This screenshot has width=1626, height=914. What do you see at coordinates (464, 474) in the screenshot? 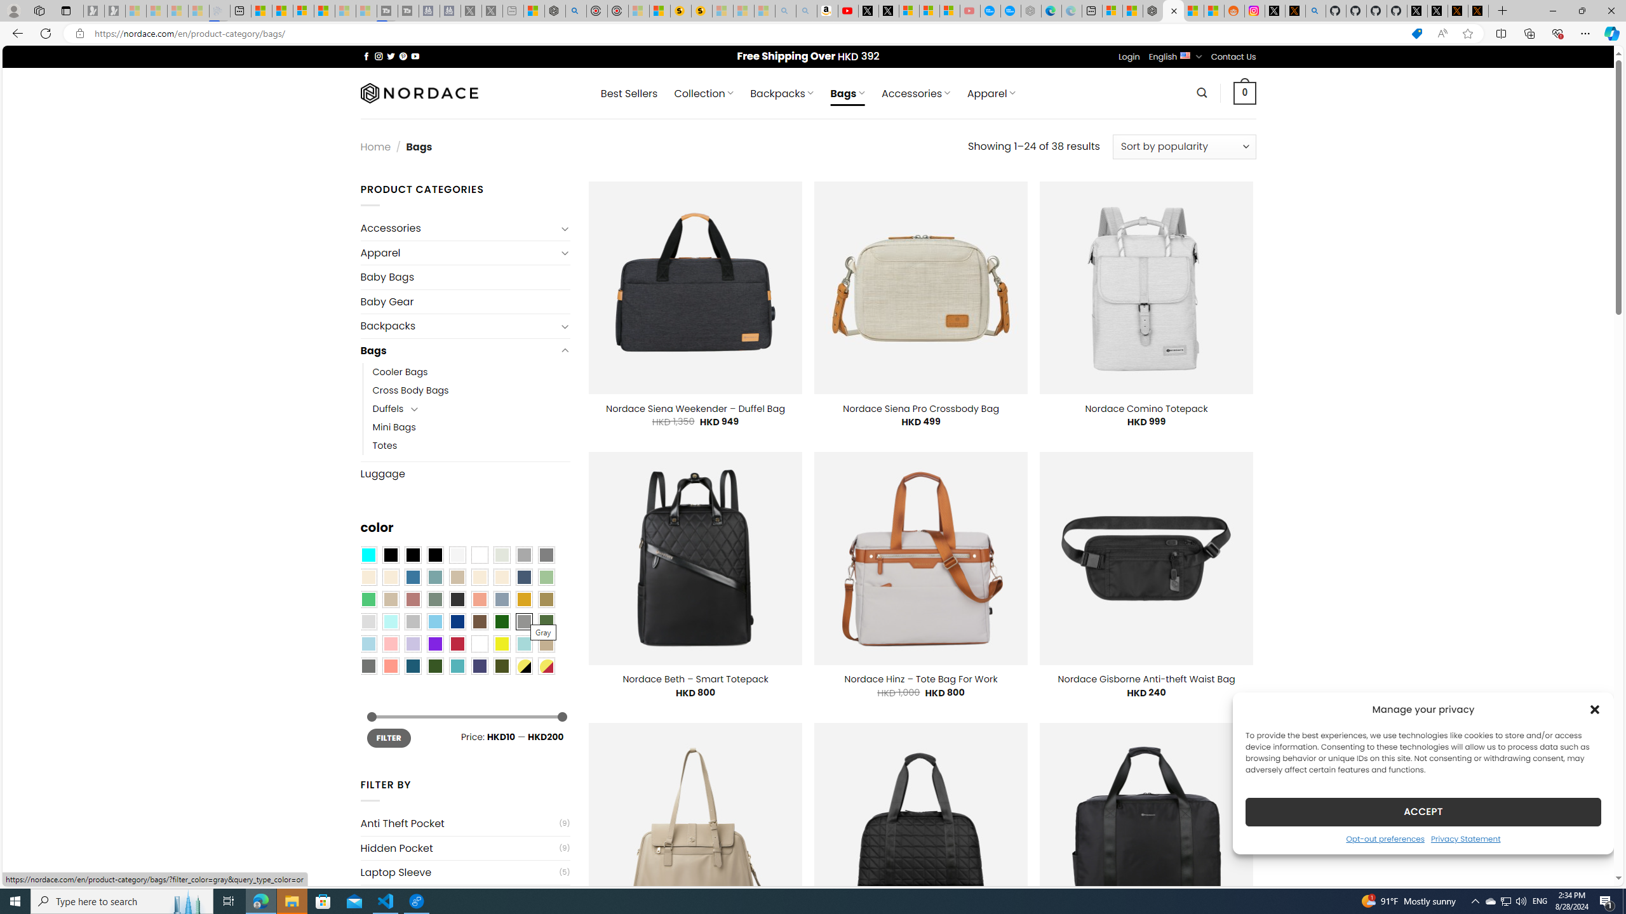
I see `'Luggage'` at bounding box center [464, 474].